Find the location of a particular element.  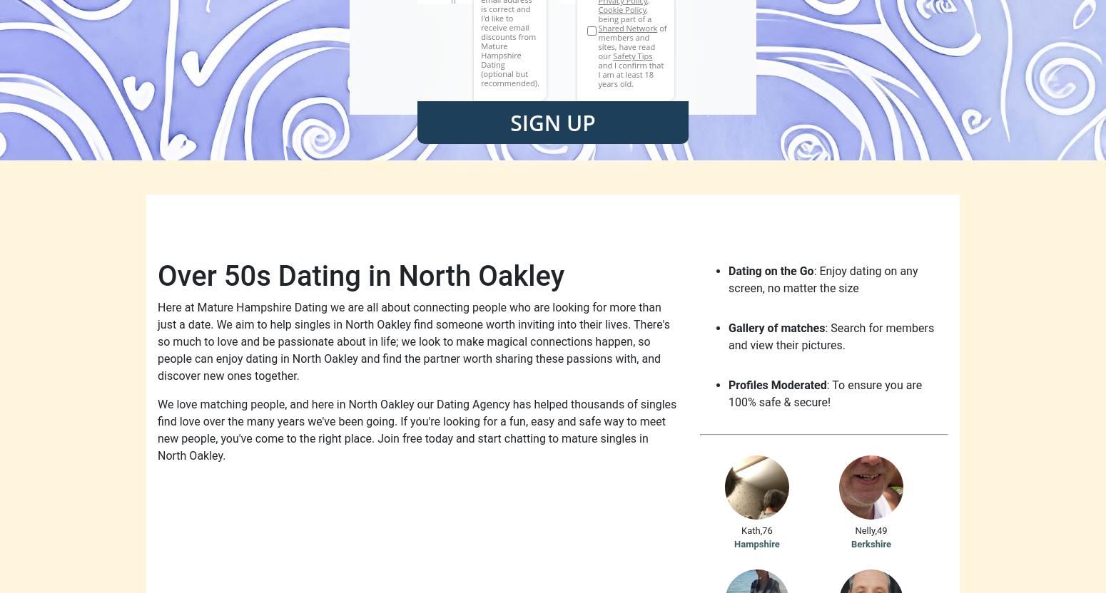

'Shared Network' is located at coordinates (627, 28).